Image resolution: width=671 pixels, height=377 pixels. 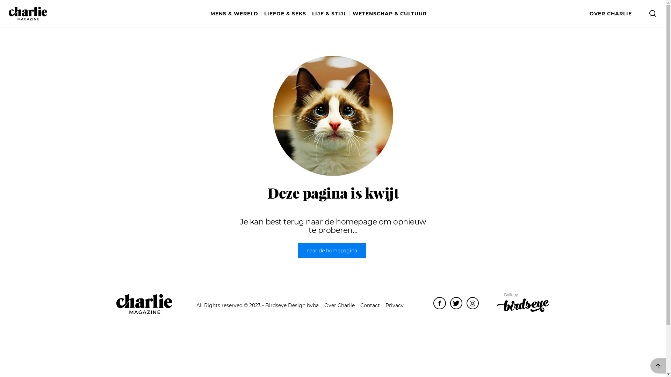 I want to click on 'LIEFDE & SEKS', so click(x=287, y=14).